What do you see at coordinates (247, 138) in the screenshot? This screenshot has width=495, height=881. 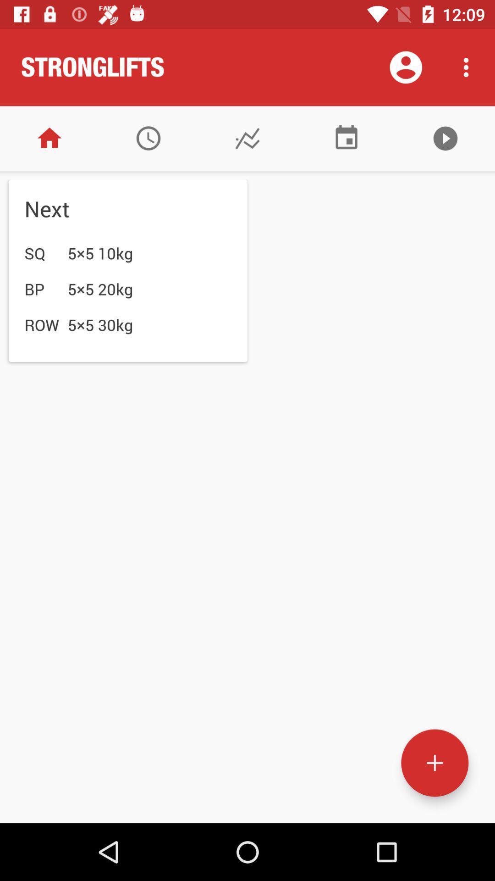 I see `graph view` at bounding box center [247, 138].